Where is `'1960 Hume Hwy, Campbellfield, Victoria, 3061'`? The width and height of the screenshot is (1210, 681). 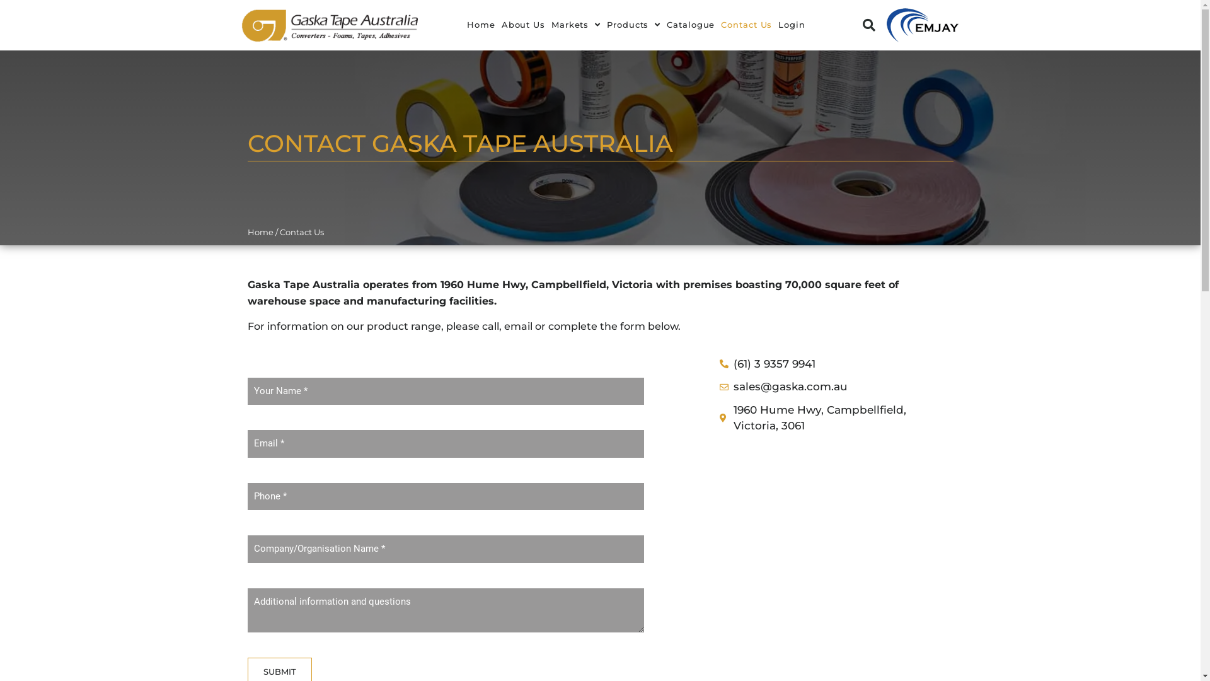 '1960 Hume Hwy, Campbellfield, Victoria, 3061' is located at coordinates (822, 418).